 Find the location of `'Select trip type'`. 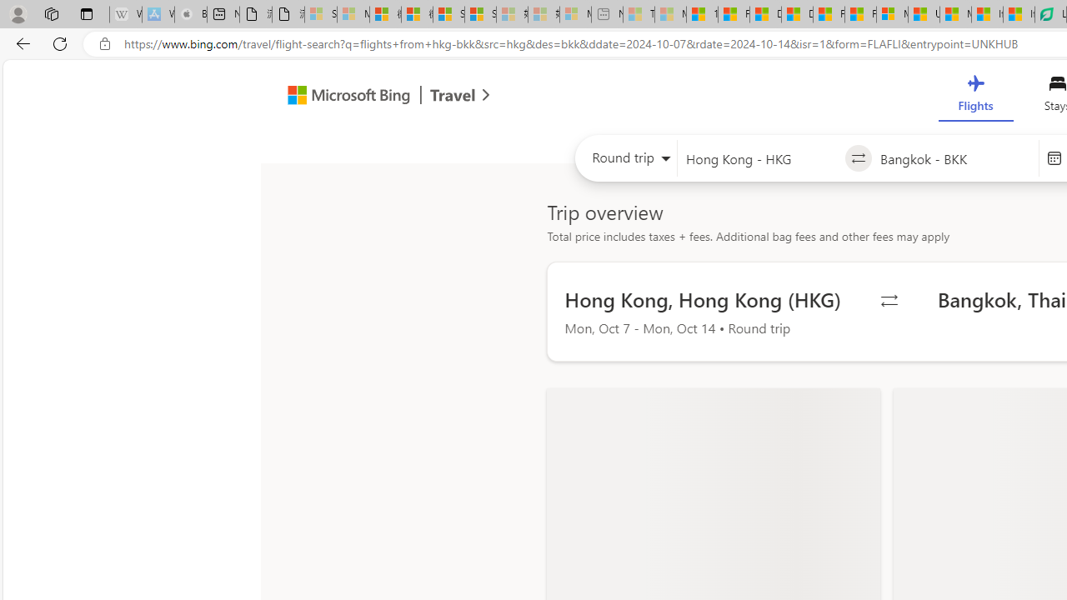

'Select trip type' is located at coordinates (625, 162).